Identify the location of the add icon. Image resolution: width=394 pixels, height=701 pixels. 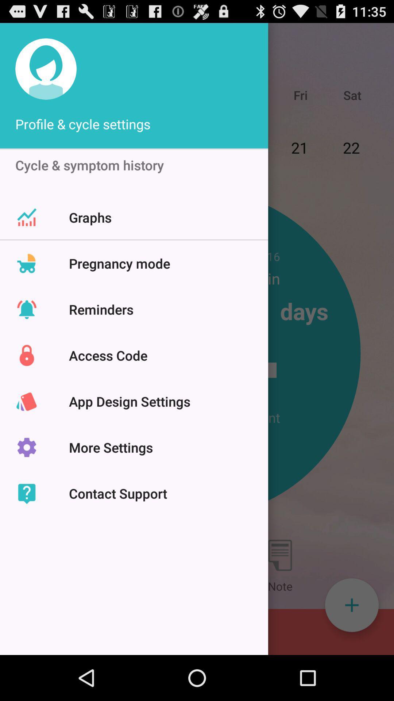
(351, 647).